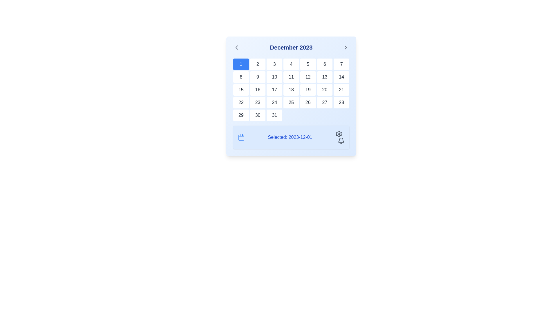  I want to click on the date selection button for the 31st in the calendar interface, located in the bottom-right corner of the grid, so click(274, 115).